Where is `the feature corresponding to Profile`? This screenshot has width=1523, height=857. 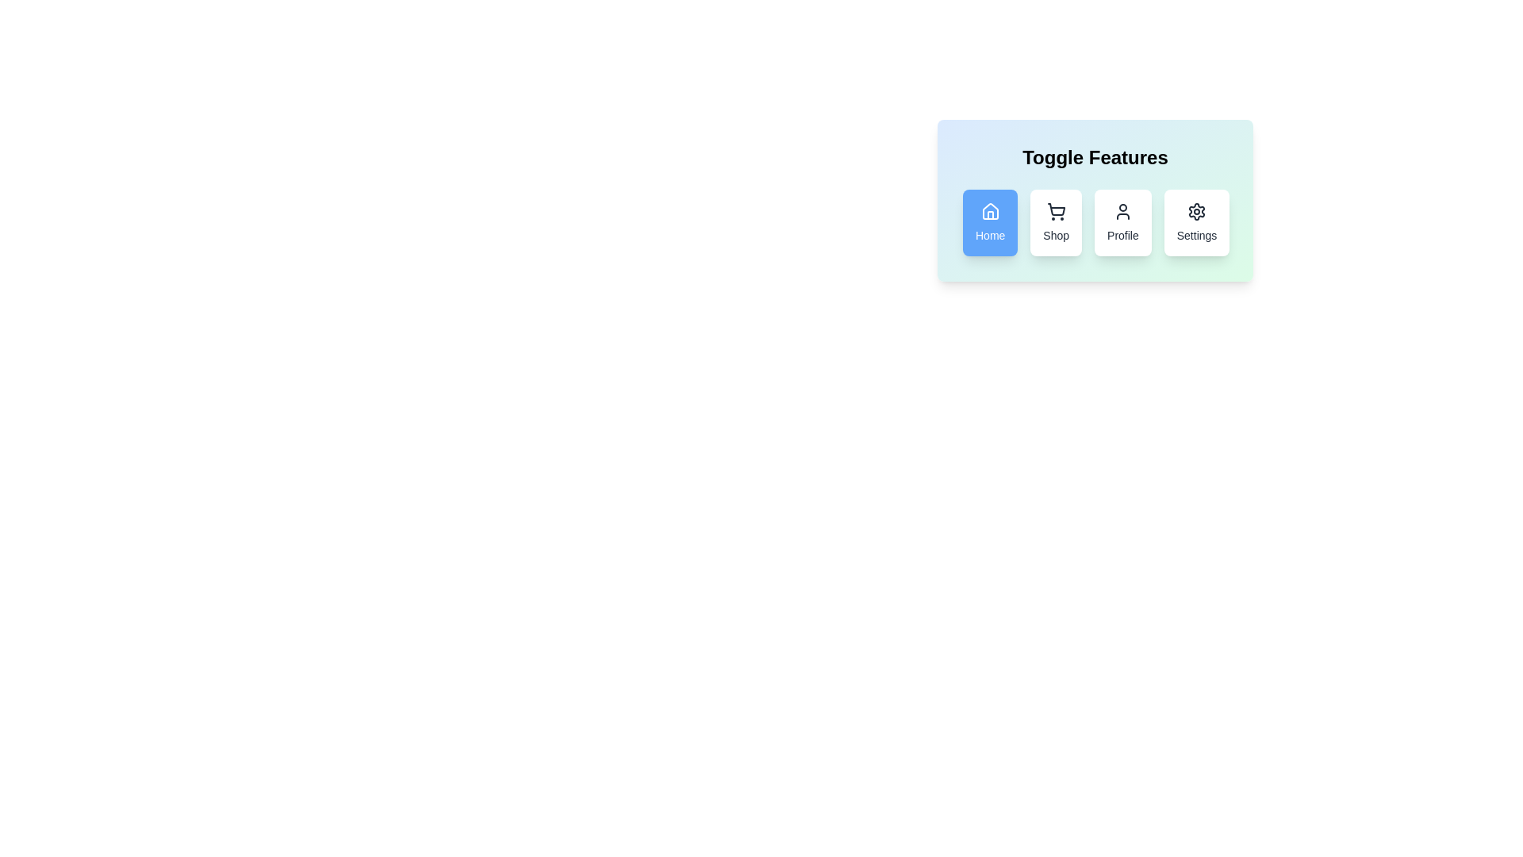
the feature corresponding to Profile is located at coordinates (1122, 223).